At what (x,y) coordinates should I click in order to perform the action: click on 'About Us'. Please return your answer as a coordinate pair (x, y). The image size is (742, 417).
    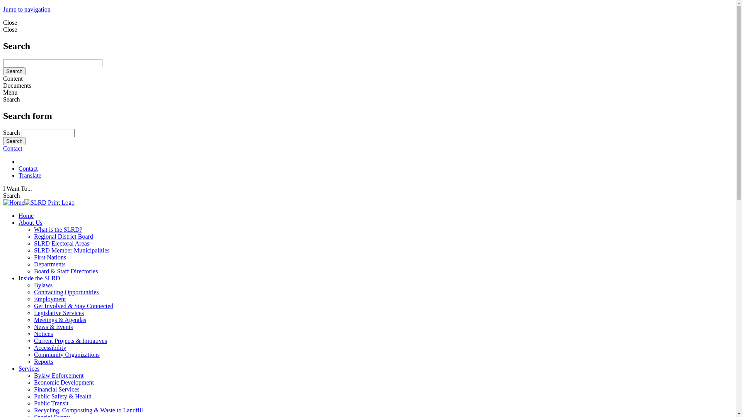
    Looking at the image, I should click on (30, 222).